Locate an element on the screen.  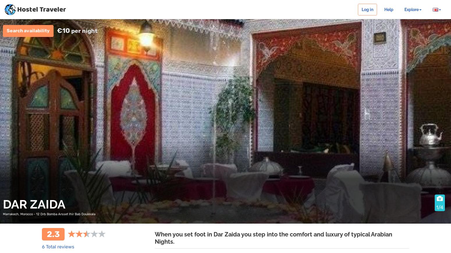
'Hostel Traveler' is located at coordinates (42, 10).